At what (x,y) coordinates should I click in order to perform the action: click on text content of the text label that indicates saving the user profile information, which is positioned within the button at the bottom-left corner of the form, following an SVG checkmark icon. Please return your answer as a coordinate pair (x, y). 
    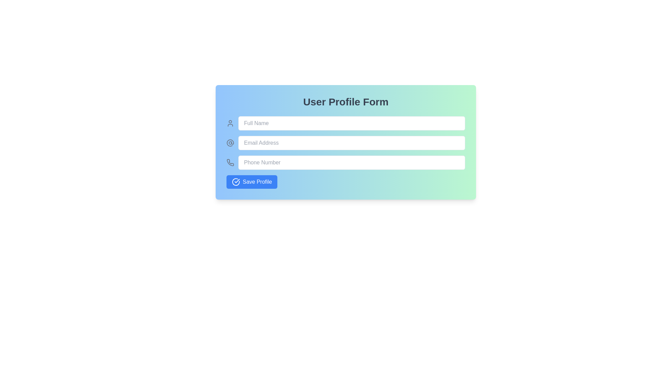
    Looking at the image, I should click on (257, 181).